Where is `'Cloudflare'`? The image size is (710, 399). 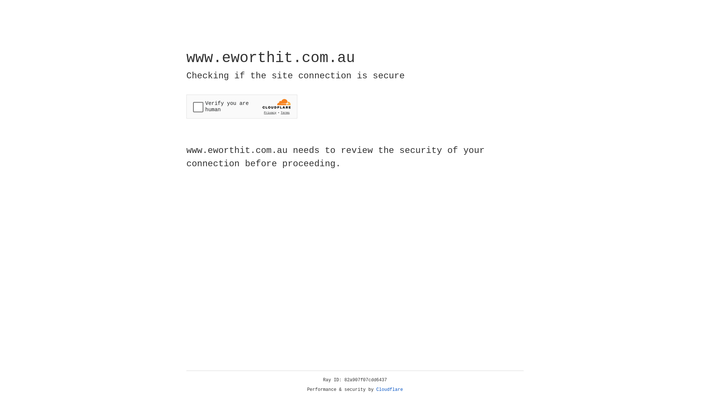
'Cloudflare' is located at coordinates (389, 389).